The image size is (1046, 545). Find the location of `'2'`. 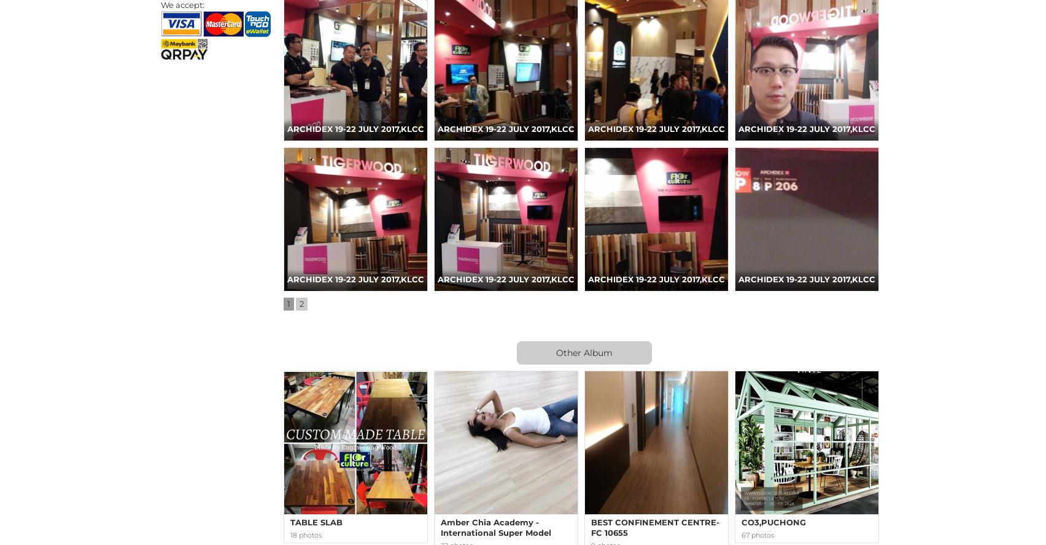

'2' is located at coordinates (301, 303).